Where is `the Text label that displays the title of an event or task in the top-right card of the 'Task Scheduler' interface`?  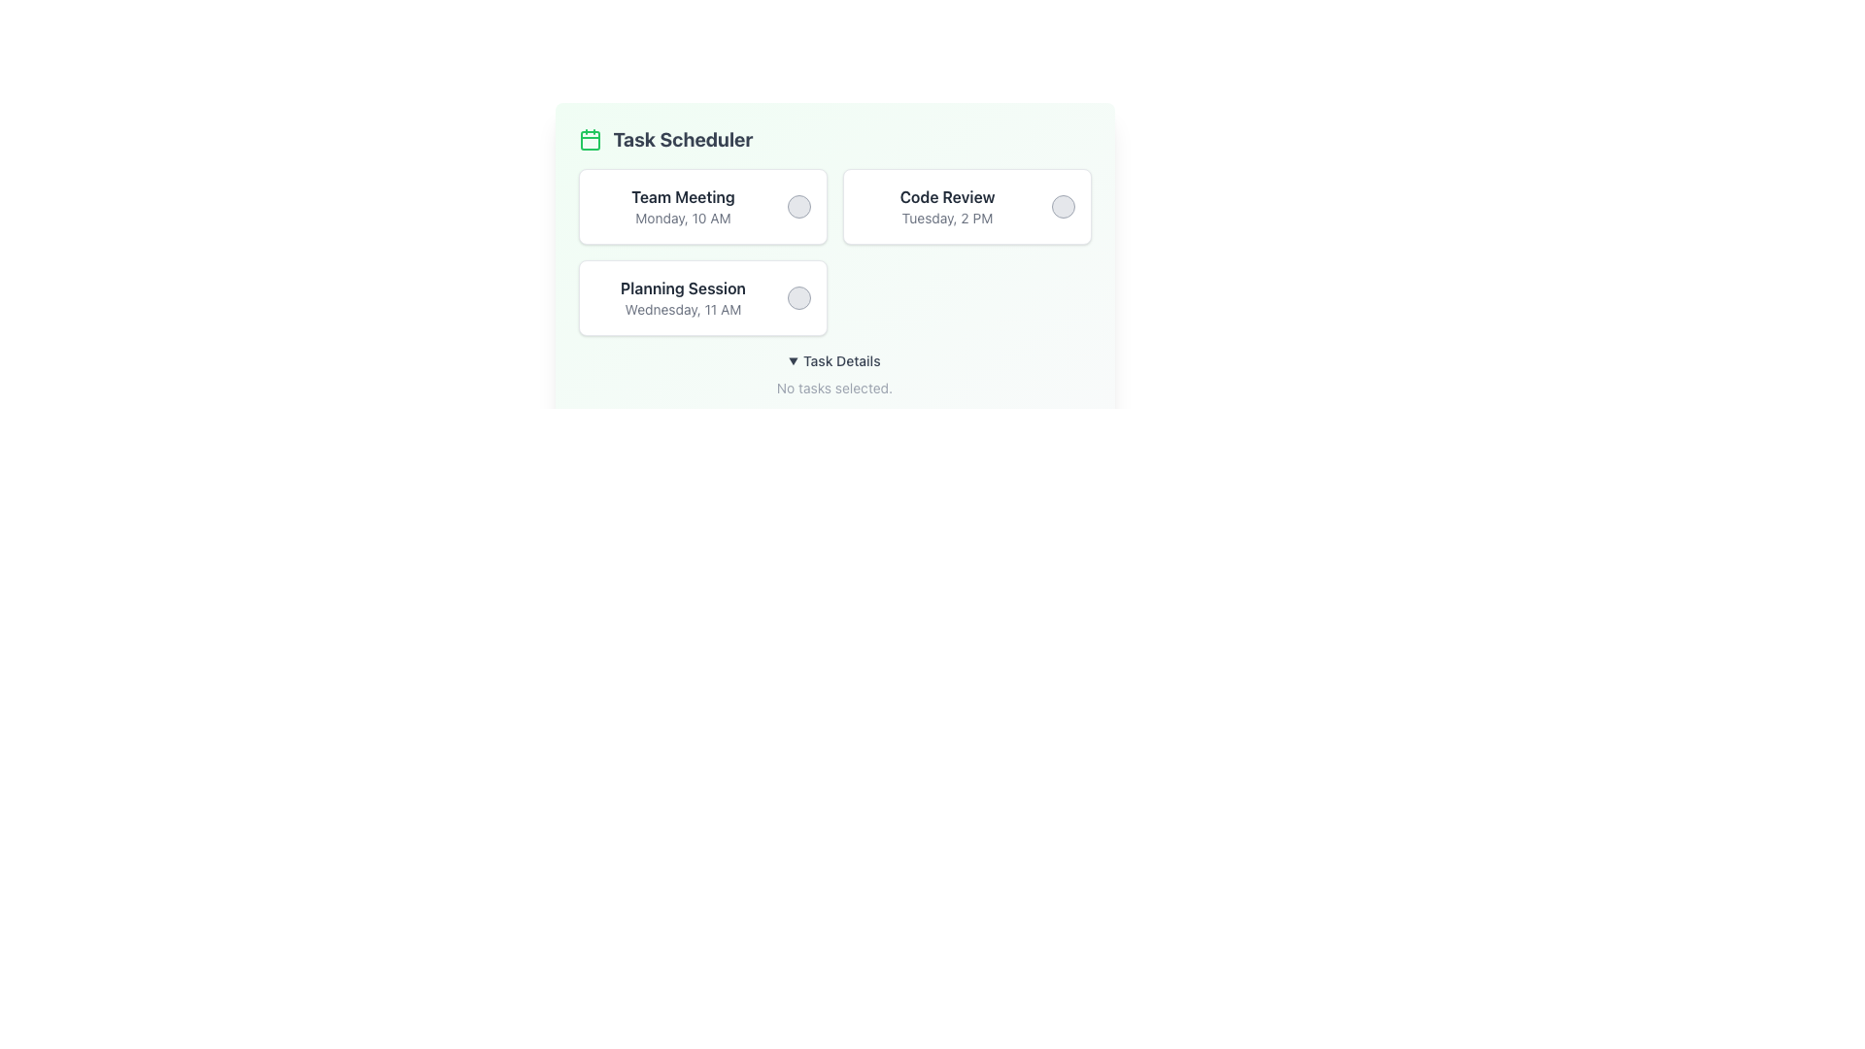
the Text label that displays the title of an event or task in the top-right card of the 'Task Scheduler' interface is located at coordinates (947, 197).